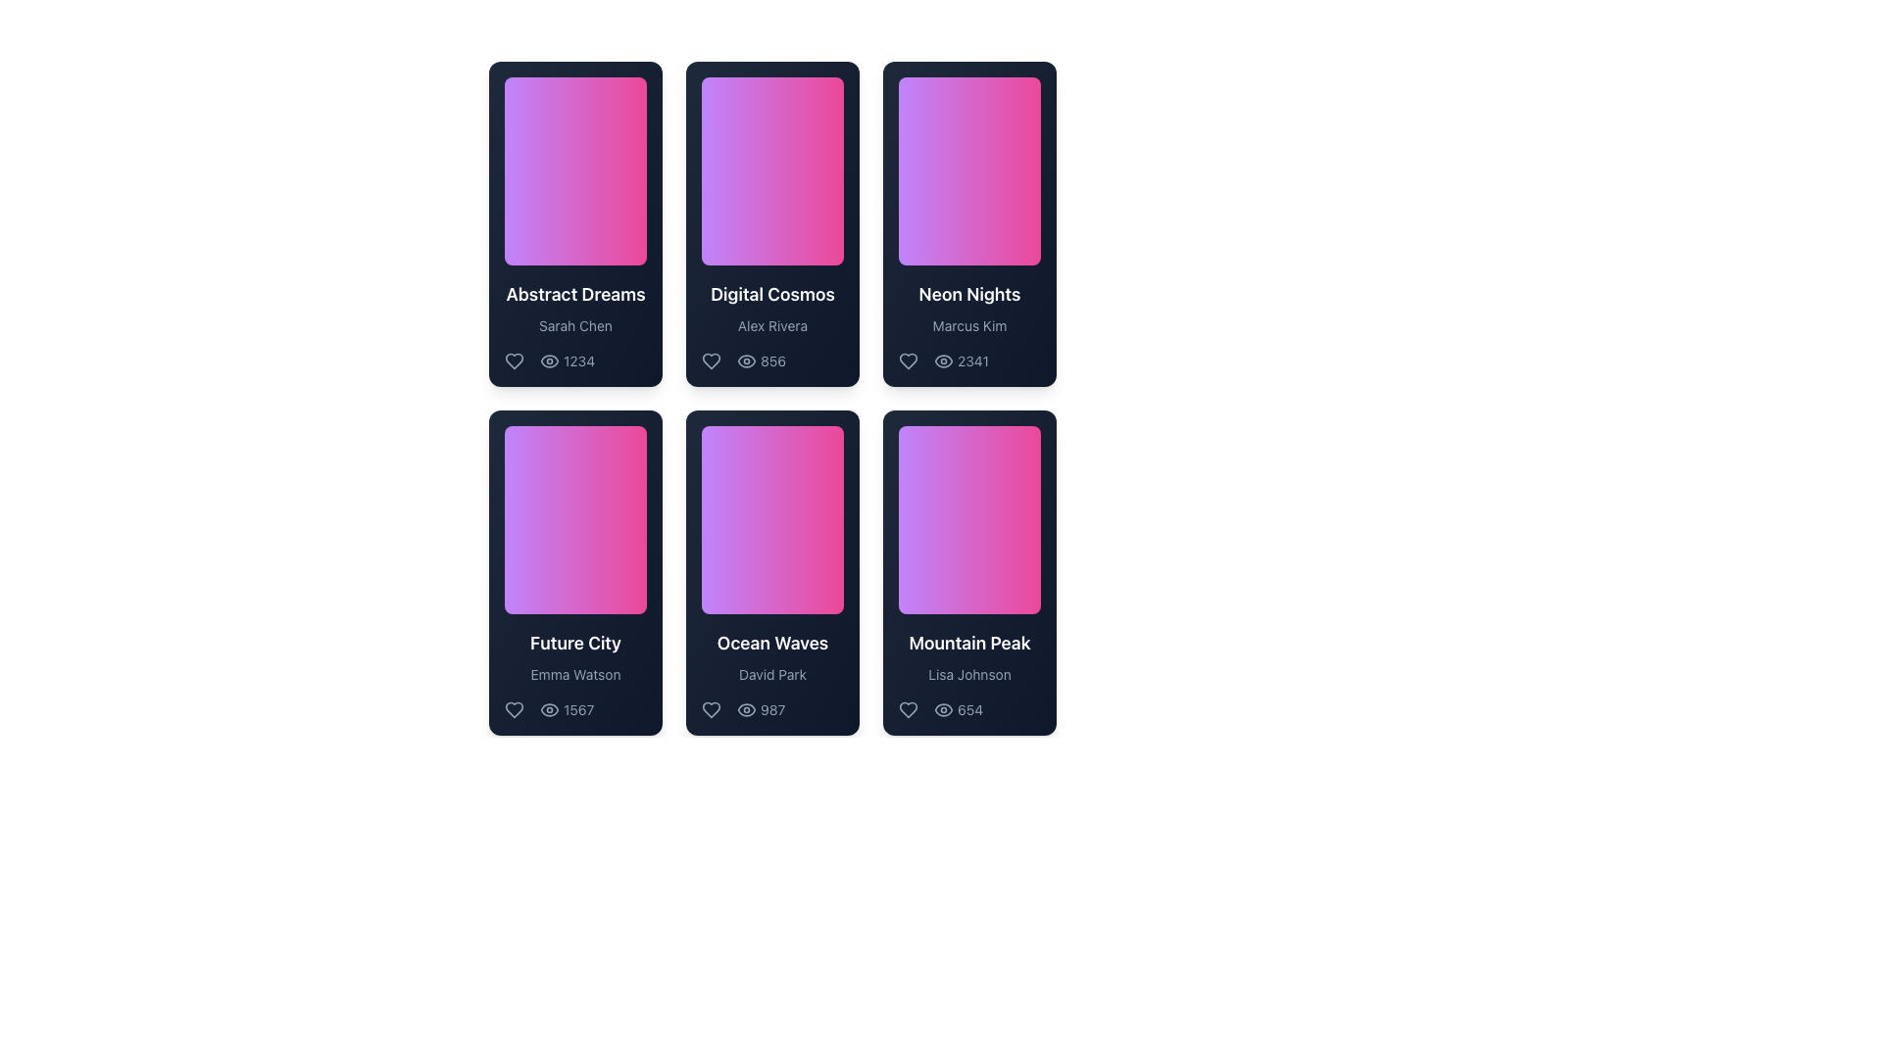  Describe the element at coordinates (746, 361) in the screenshot. I see `the appearance of the eye-shaped icon located in the middle card of the top row, alongside the text label '856'` at that location.